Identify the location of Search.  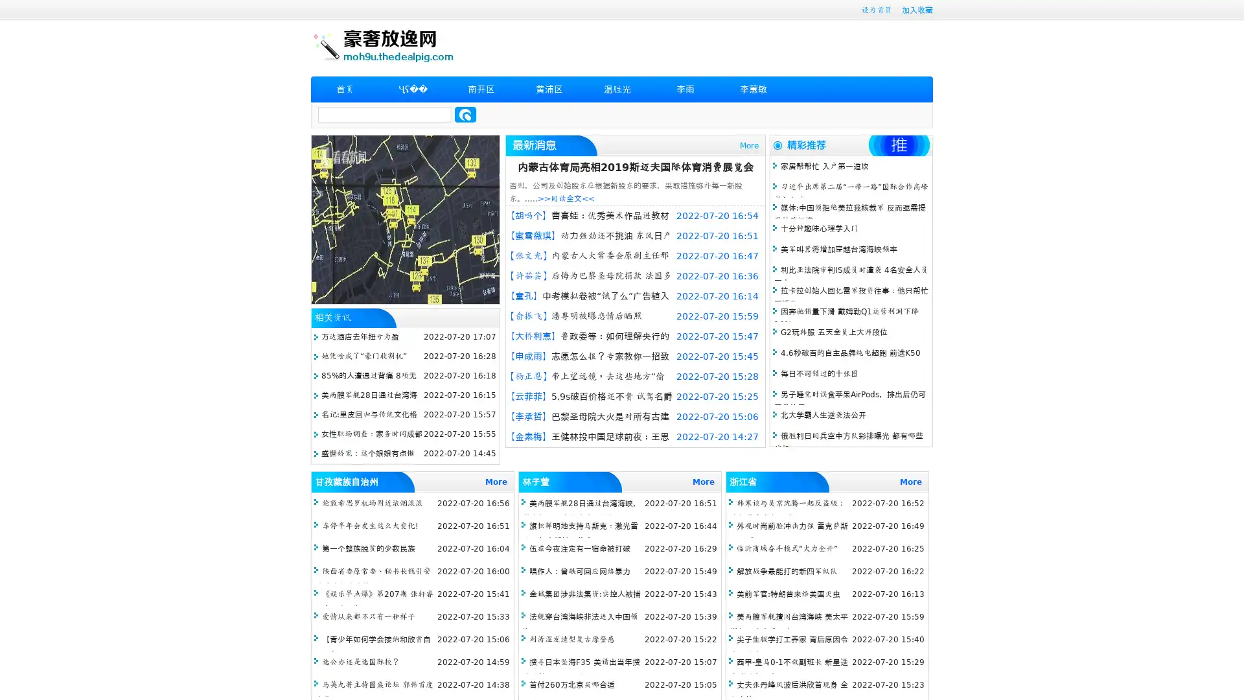
(465, 114).